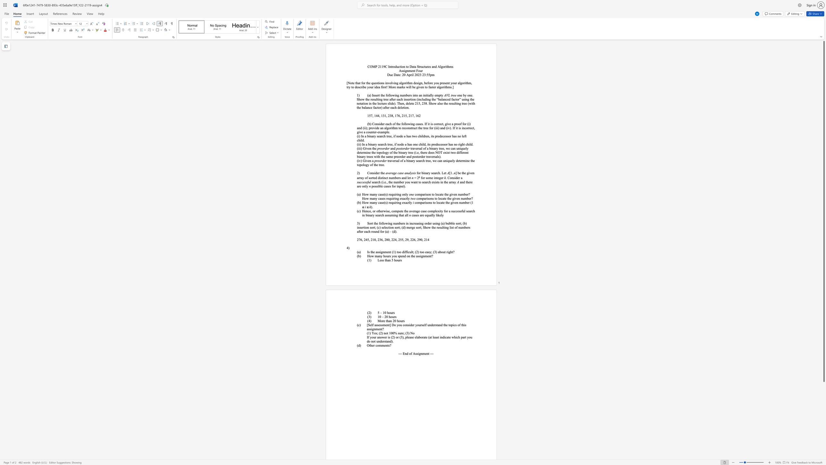  I want to click on the 3th character "h" in the text, so click(453, 136).